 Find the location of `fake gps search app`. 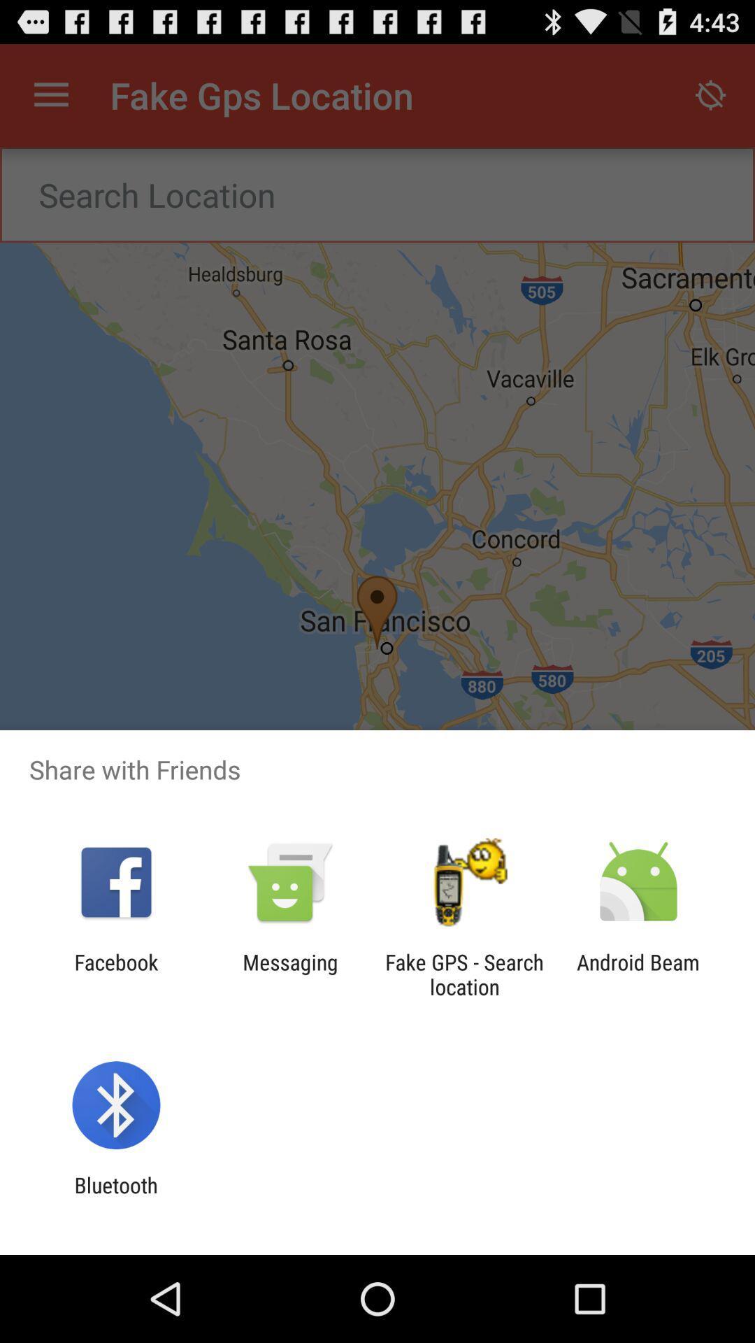

fake gps search app is located at coordinates (464, 974).